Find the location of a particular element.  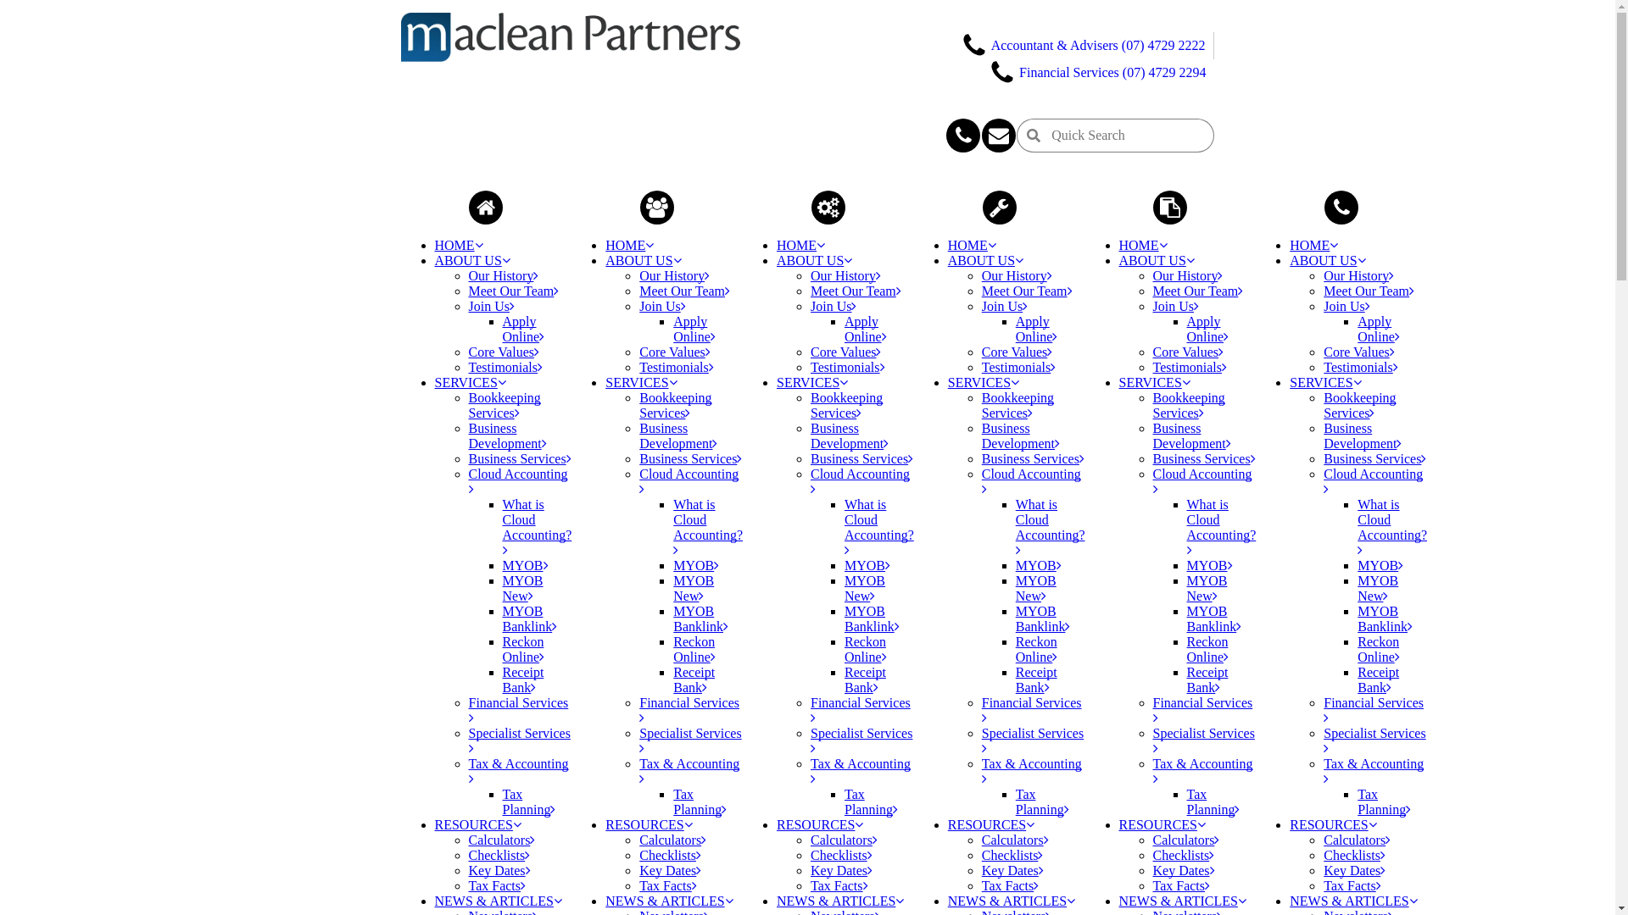

'Cloud Accounting' is located at coordinates (689, 481).